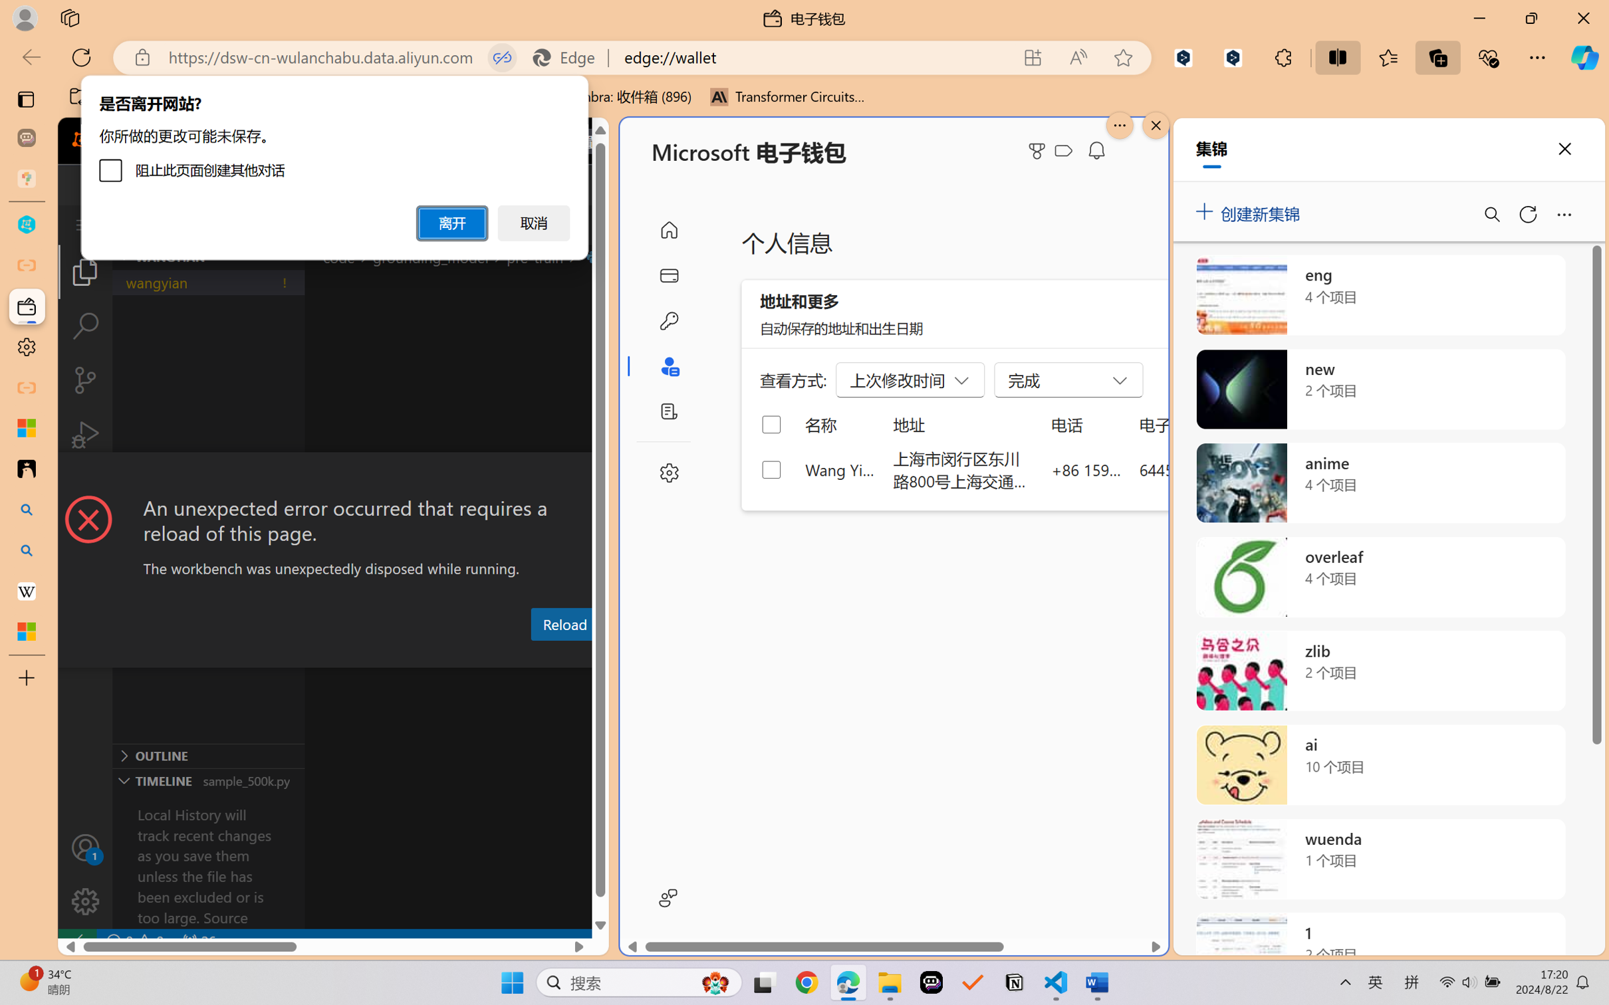 The height and width of the screenshot is (1005, 1609). I want to click on 'Microsoft Rewards', so click(1039, 151).